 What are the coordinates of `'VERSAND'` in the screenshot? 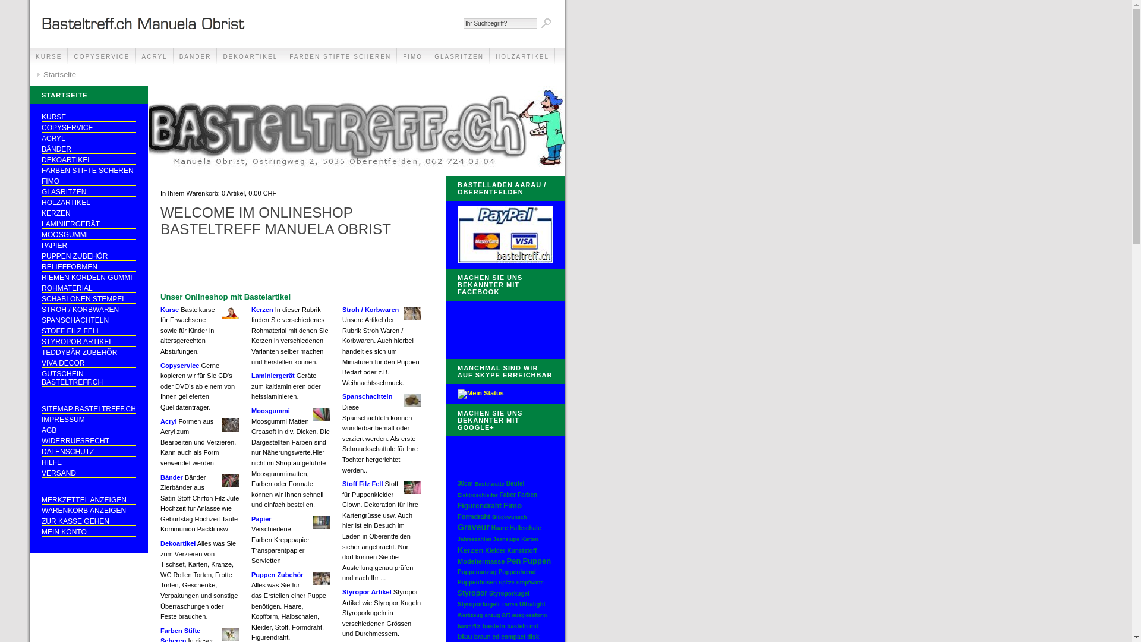 It's located at (42, 473).